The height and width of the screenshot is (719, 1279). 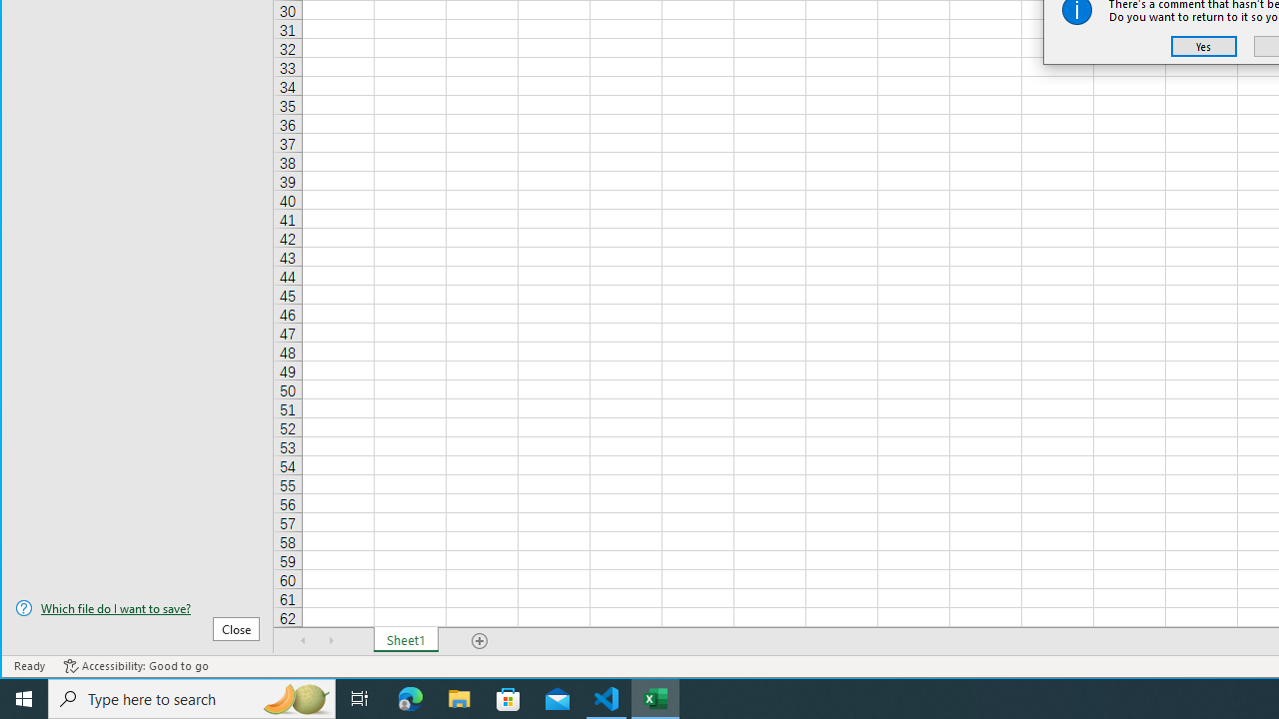 I want to click on 'Accessibility Checker Accessibility: Good to go', so click(x=135, y=666).